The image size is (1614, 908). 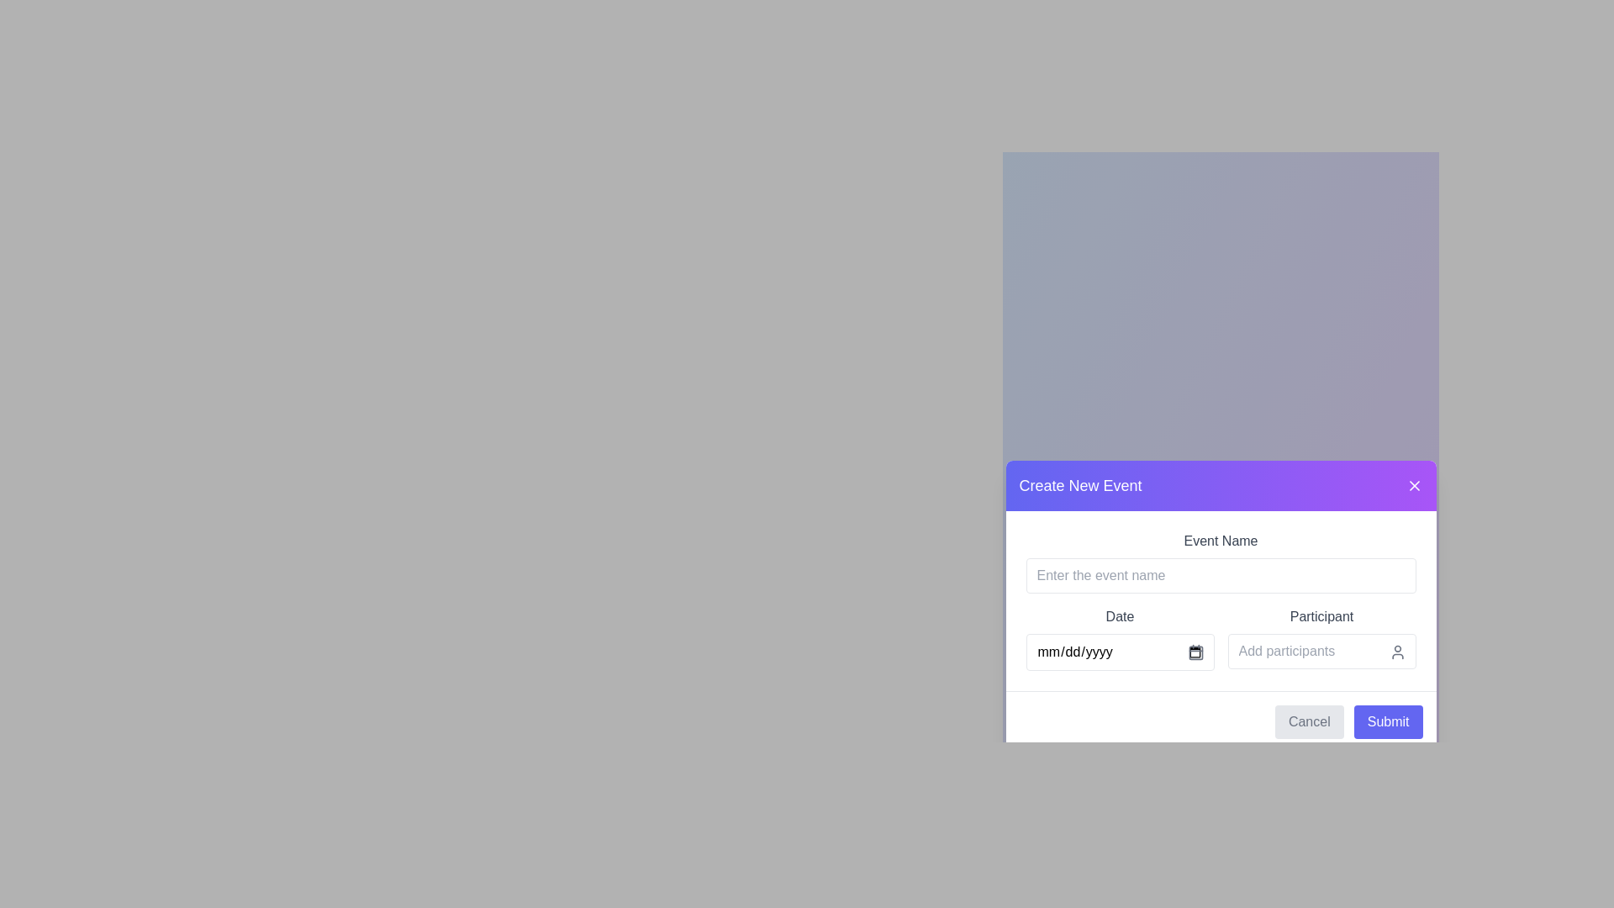 I want to click on the 'Submit' button located at the bottom-right corner of the form, so click(x=1388, y=721).